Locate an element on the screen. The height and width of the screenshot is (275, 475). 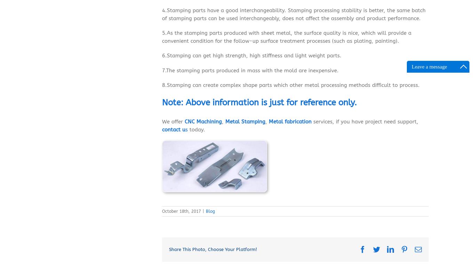
'contact u' is located at coordinates (174, 130).